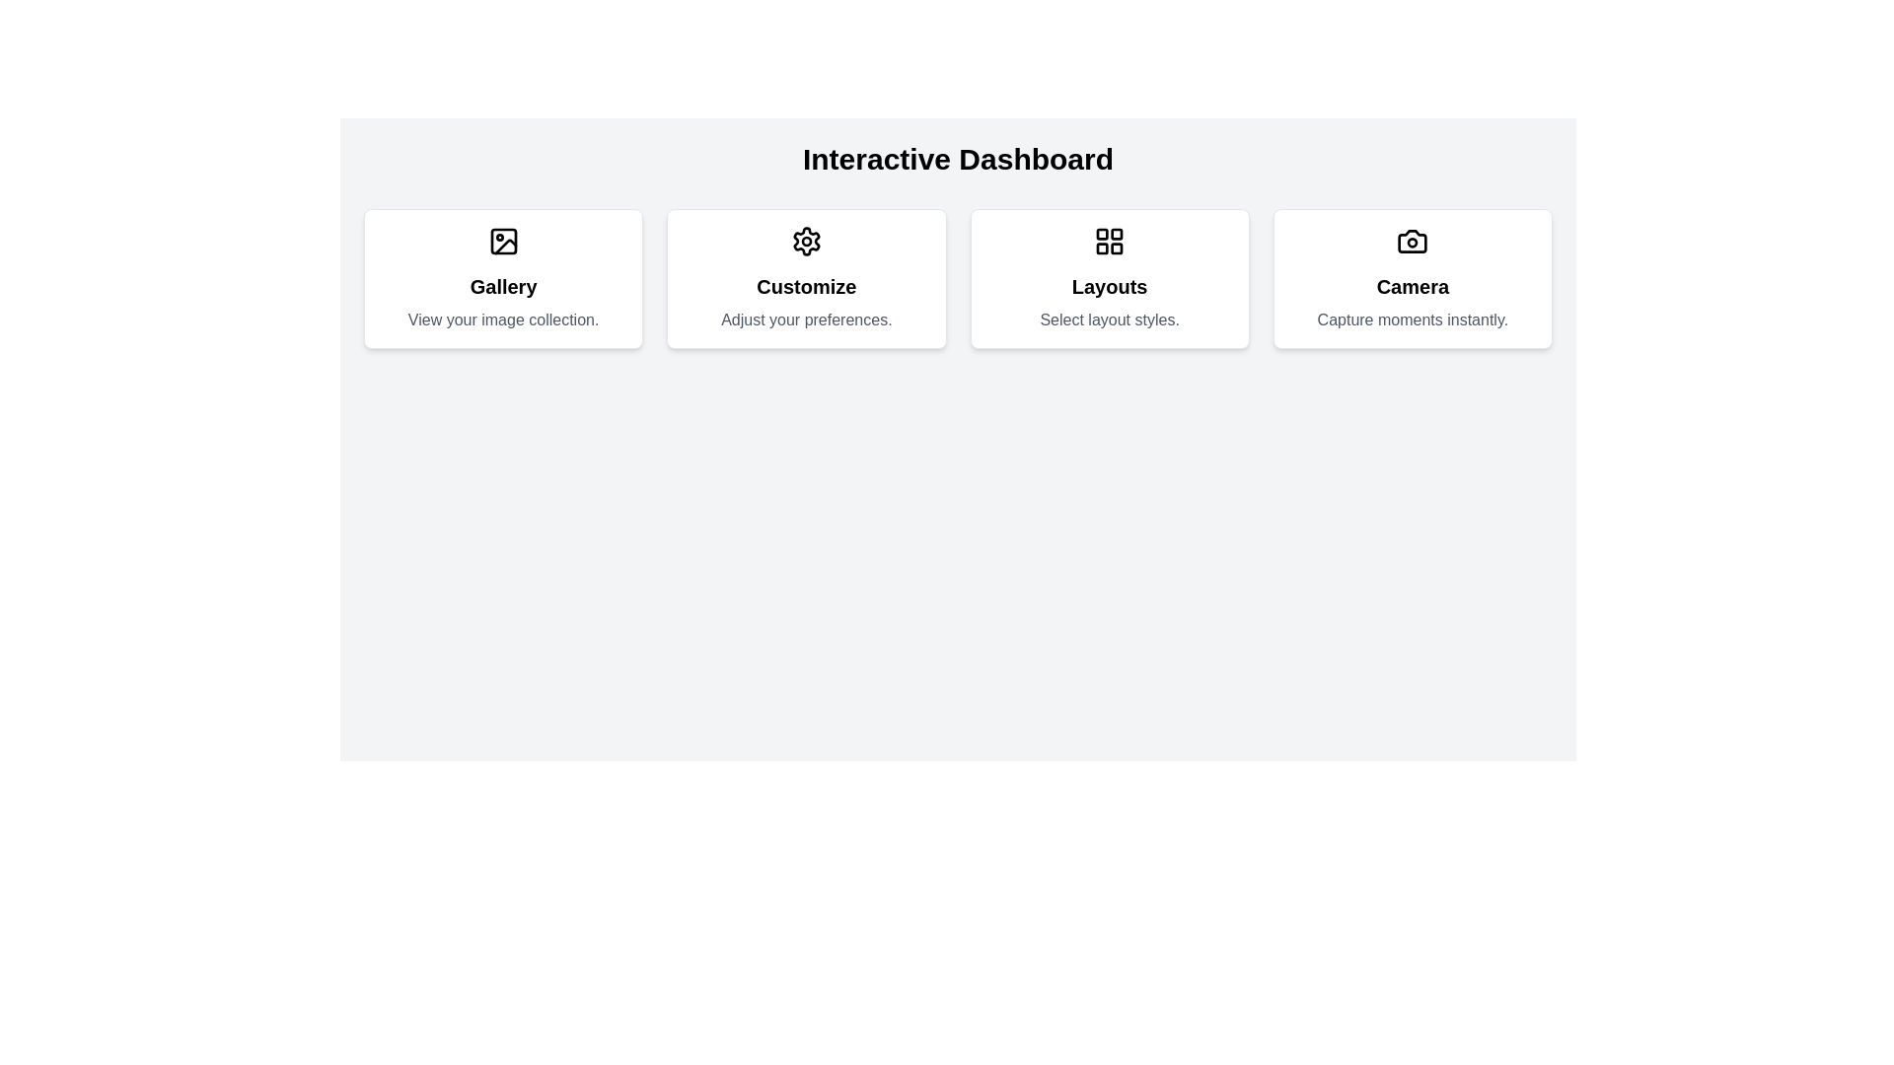  I want to click on the Textual Heading that serves as the title for the interface, positioned centrally at the top of the dashboard above the panel elements, so click(958, 159).